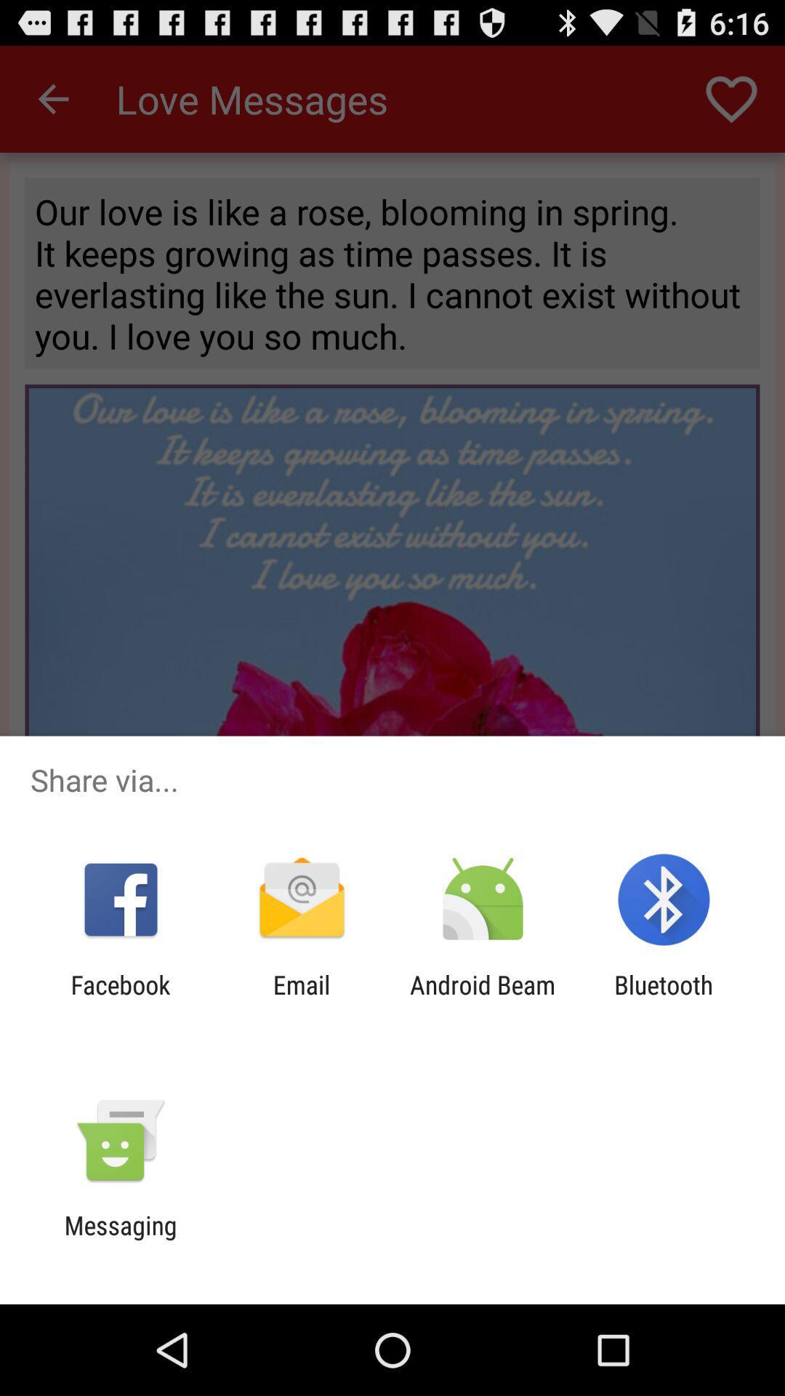 This screenshot has width=785, height=1396. I want to click on the app next to the bluetooth app, so click(483, 999).